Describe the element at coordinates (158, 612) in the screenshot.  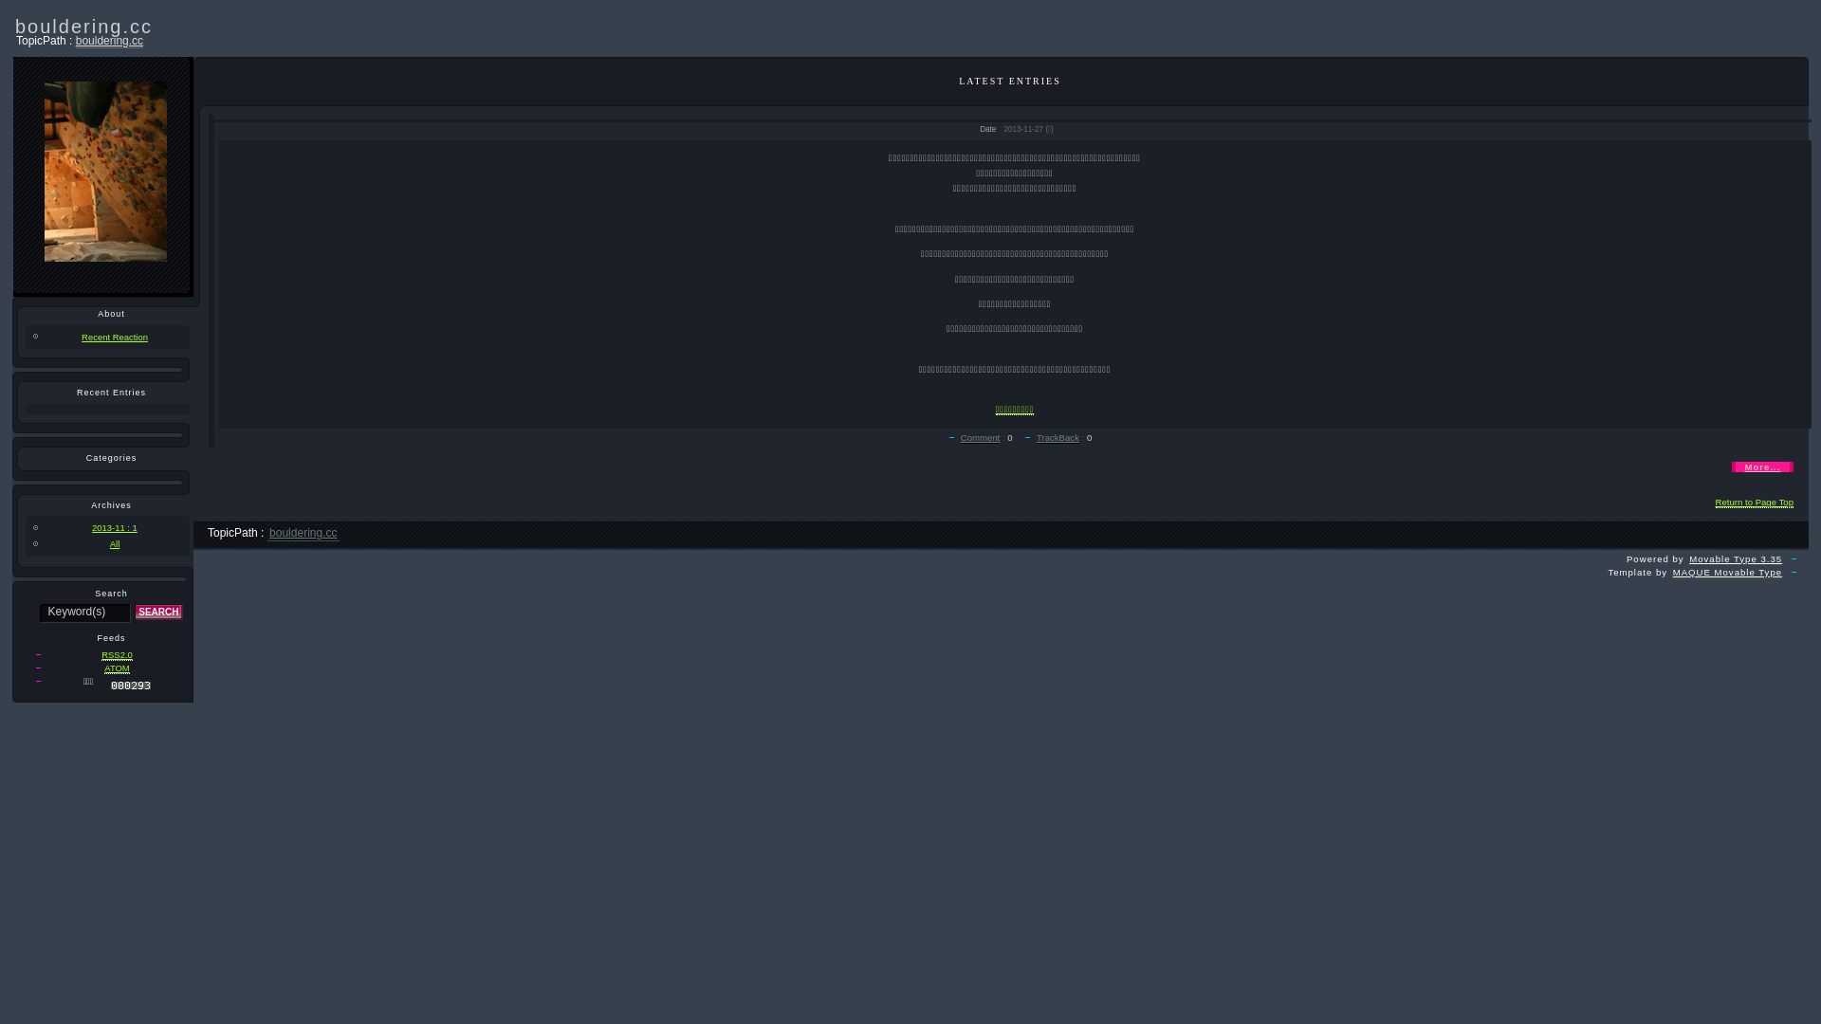
I see `'Search'` at that location.